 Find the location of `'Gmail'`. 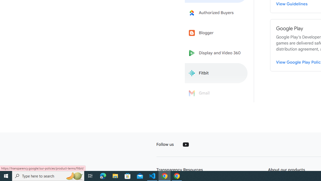

'Gmail' is located at coordinates (216, 93).